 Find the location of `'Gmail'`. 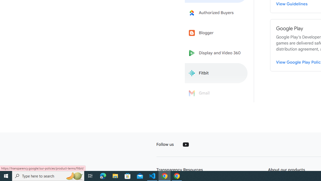

'Gmail' is located at coordinates (216, 93).